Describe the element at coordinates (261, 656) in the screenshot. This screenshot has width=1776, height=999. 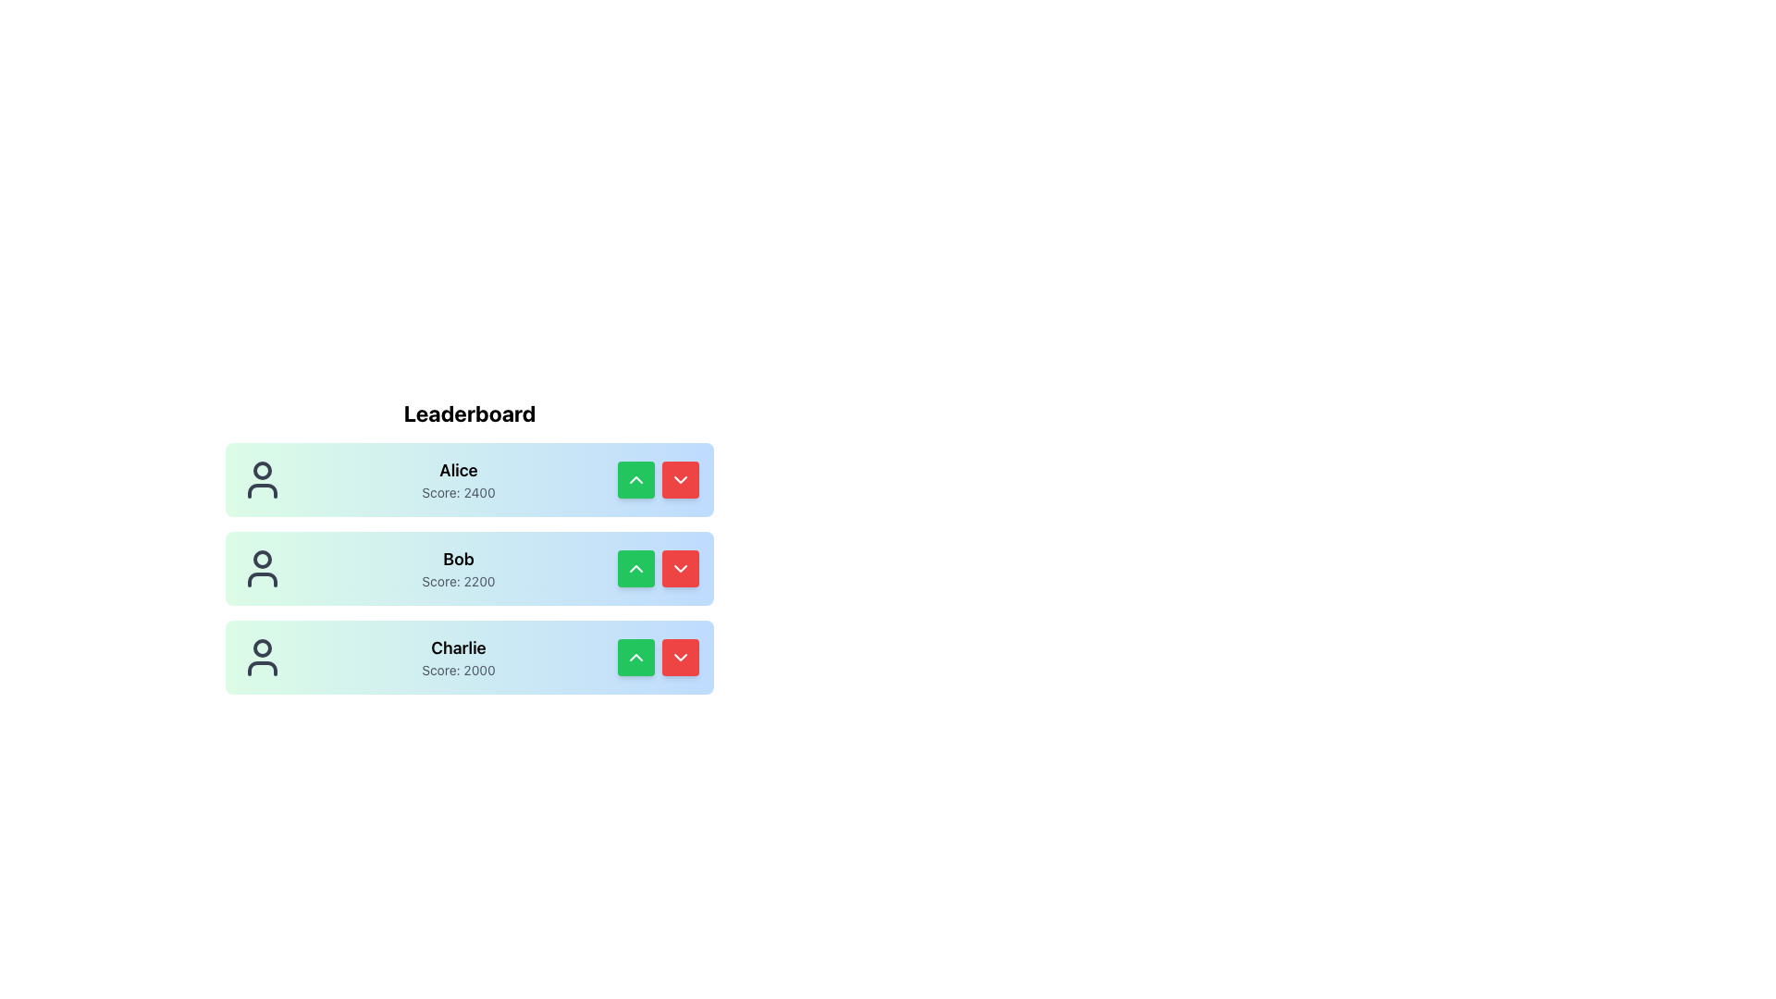
I see `the user silhouette SVG icon representing the user 'Charlie' in the leaderboard, which is the third icon in a vertical sequence` at that location.